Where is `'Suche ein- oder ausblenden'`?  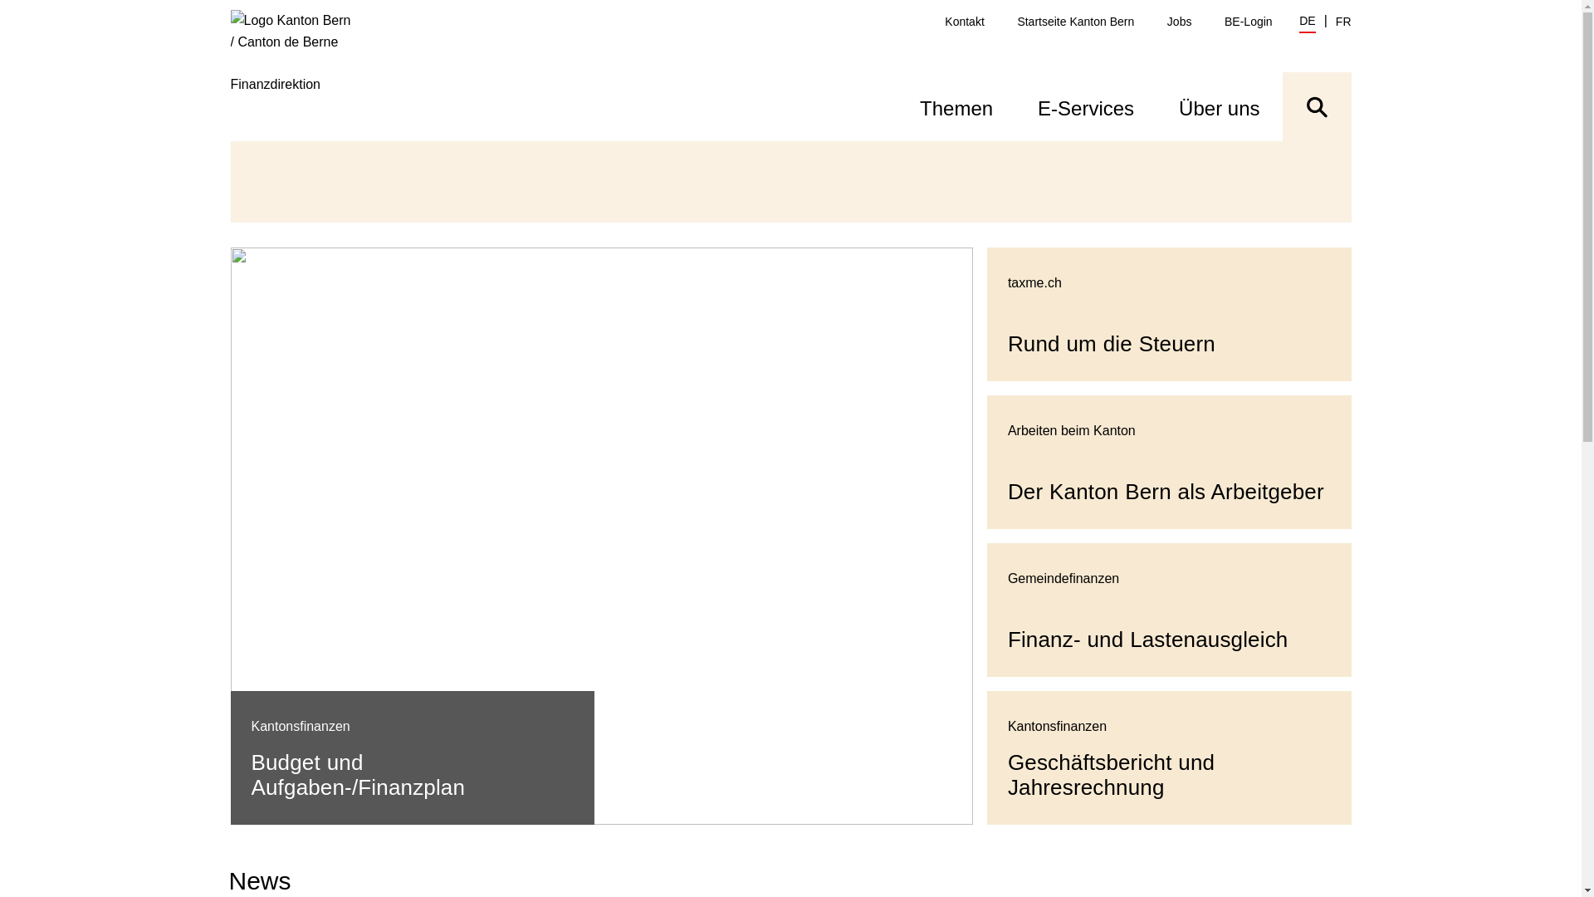 'Suche ein- oder ausblenden' is located at coordinates (1315, 106).